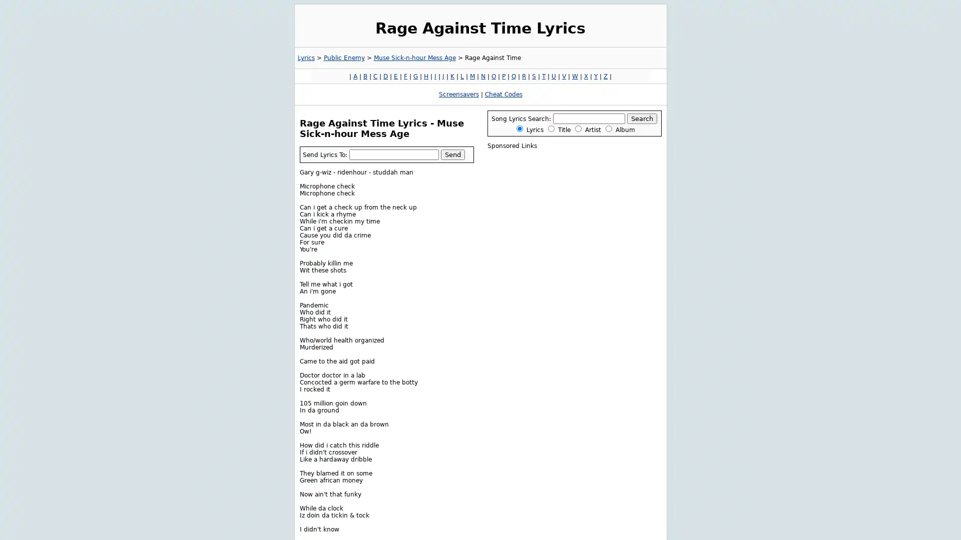 The height and width of the screenshot is (540, 961). What do you see at coordinates (642, 118) in the screenshot?
I see `Search` at bounding box center [642, 118].